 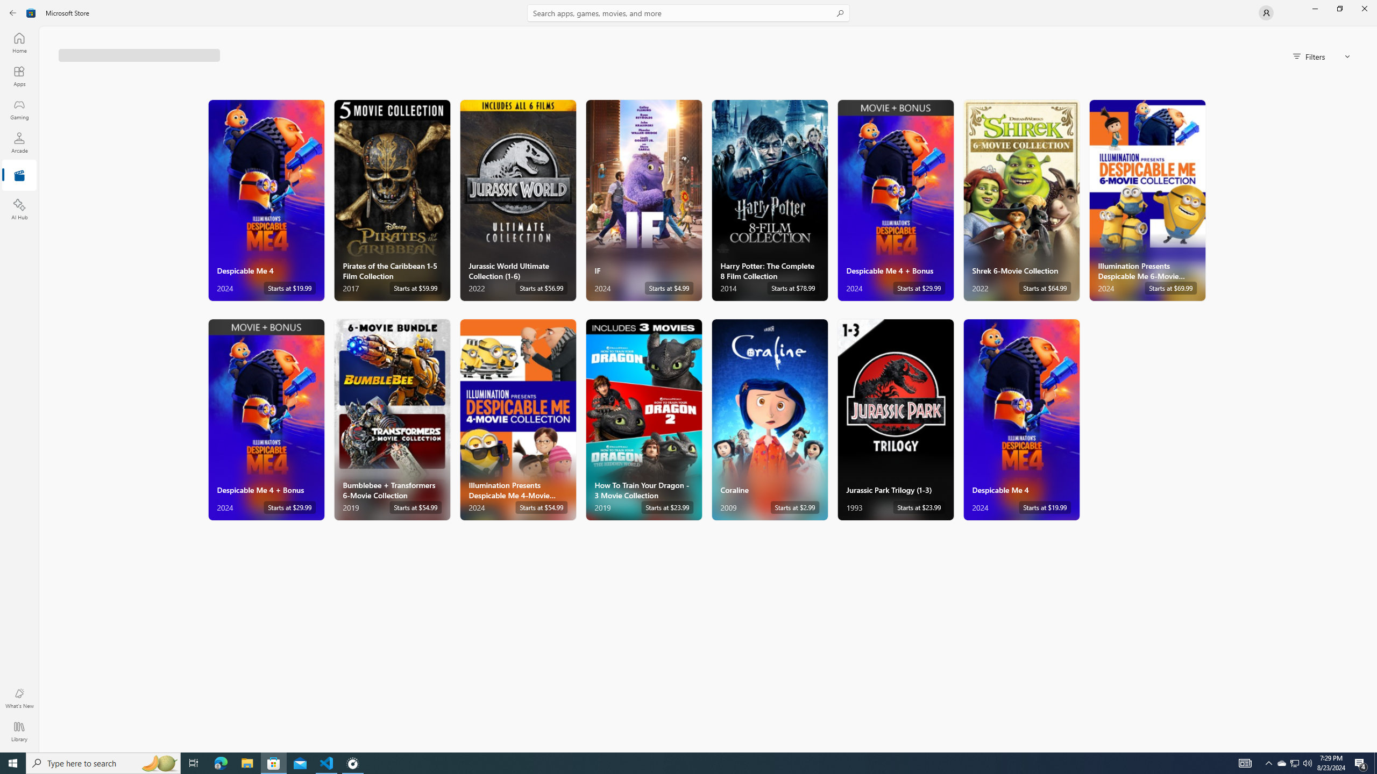 I want to click on 'Back', so click(x=13, y=12).